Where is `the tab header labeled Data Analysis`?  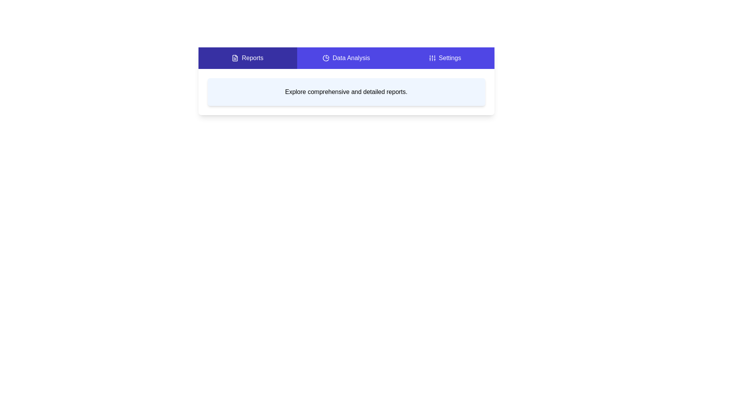 the tab header labeled Data Analysis is located at coordinates (346, 57).